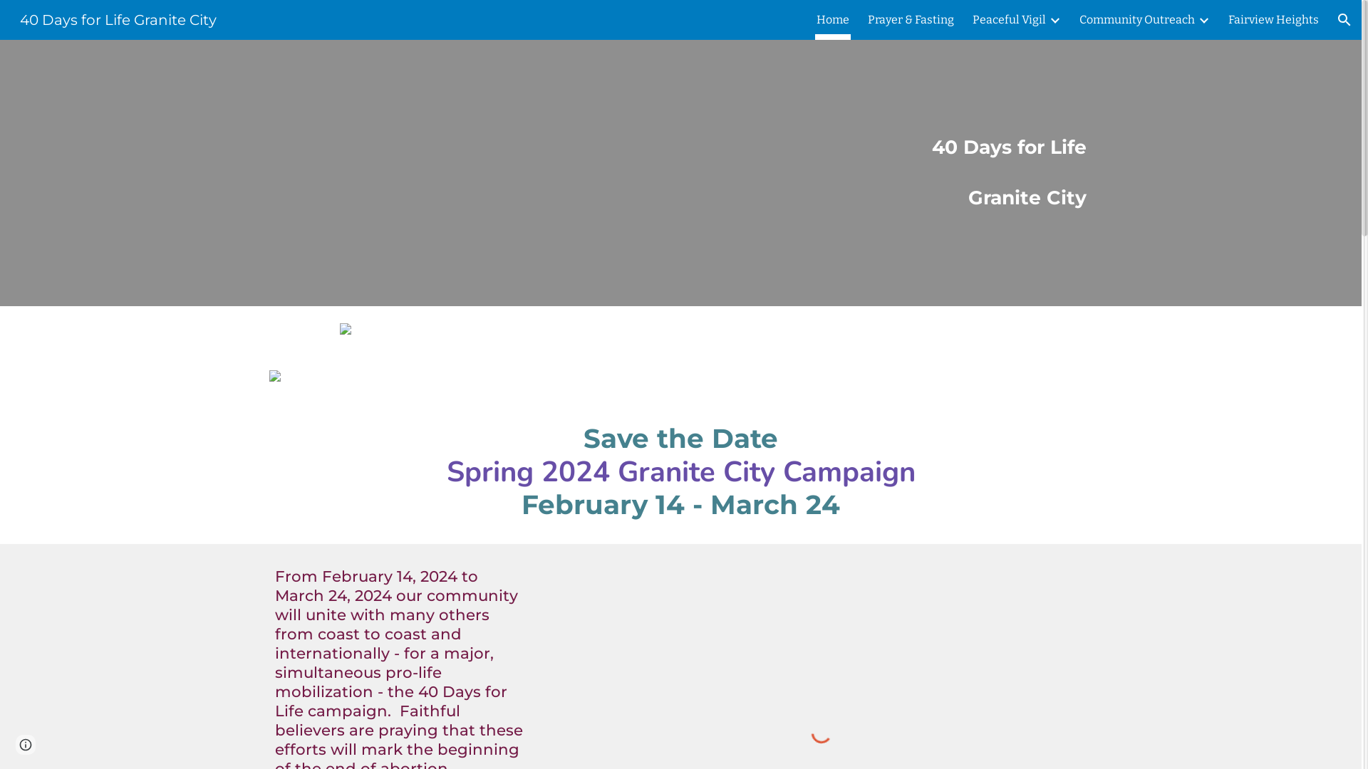 This screenshot has height=769, width=1368. I want to click on 'Fairview Heights', so click(1273, 19).